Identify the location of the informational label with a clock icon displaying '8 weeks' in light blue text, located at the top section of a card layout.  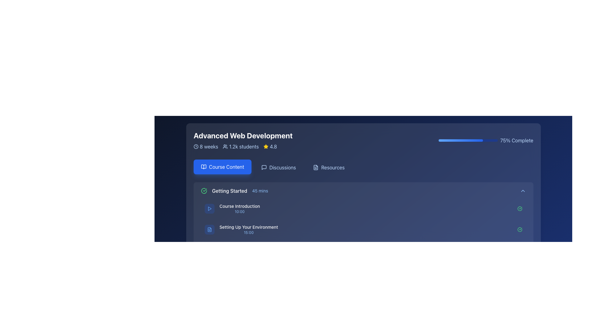
(206, 147).